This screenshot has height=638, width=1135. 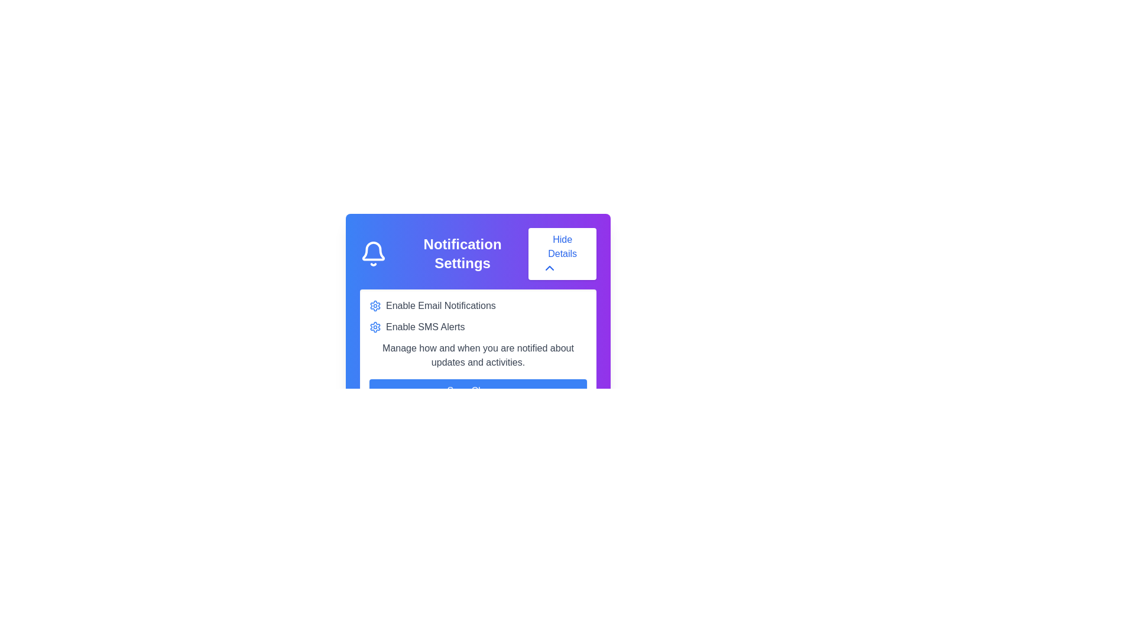 What do you see at coordinates (374, 305) in the screenshot?
I see `the settings icon located in the top-left corner of the 'Enable Email Notifications' option` at bounding box center [374, 305].